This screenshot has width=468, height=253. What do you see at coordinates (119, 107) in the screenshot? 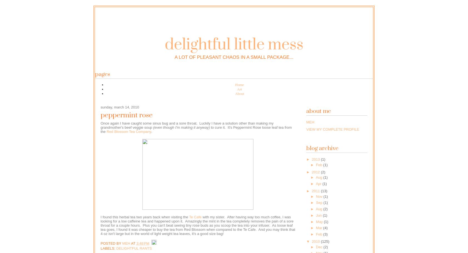
I see `'Sunday, March 14, 2010'` at bounding box center [119, 107].